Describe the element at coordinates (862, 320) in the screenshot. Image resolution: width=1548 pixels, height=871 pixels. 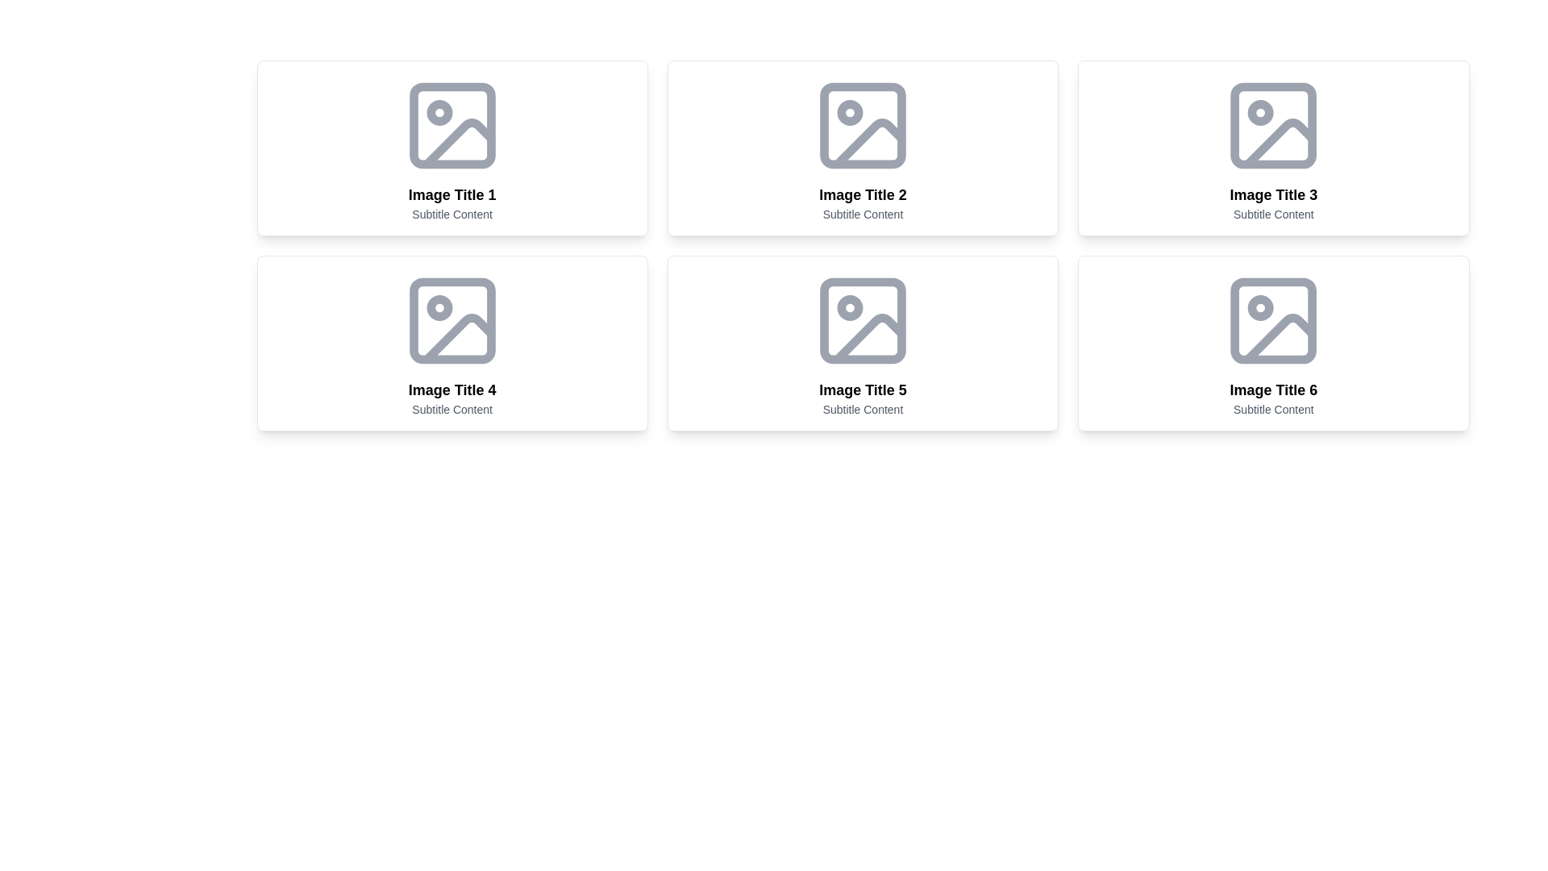
I see `the icon depicting an abstract image representation with a circle and a diagonal line, located in the center of the second row under the heading 'Image Title 5'` at that location.